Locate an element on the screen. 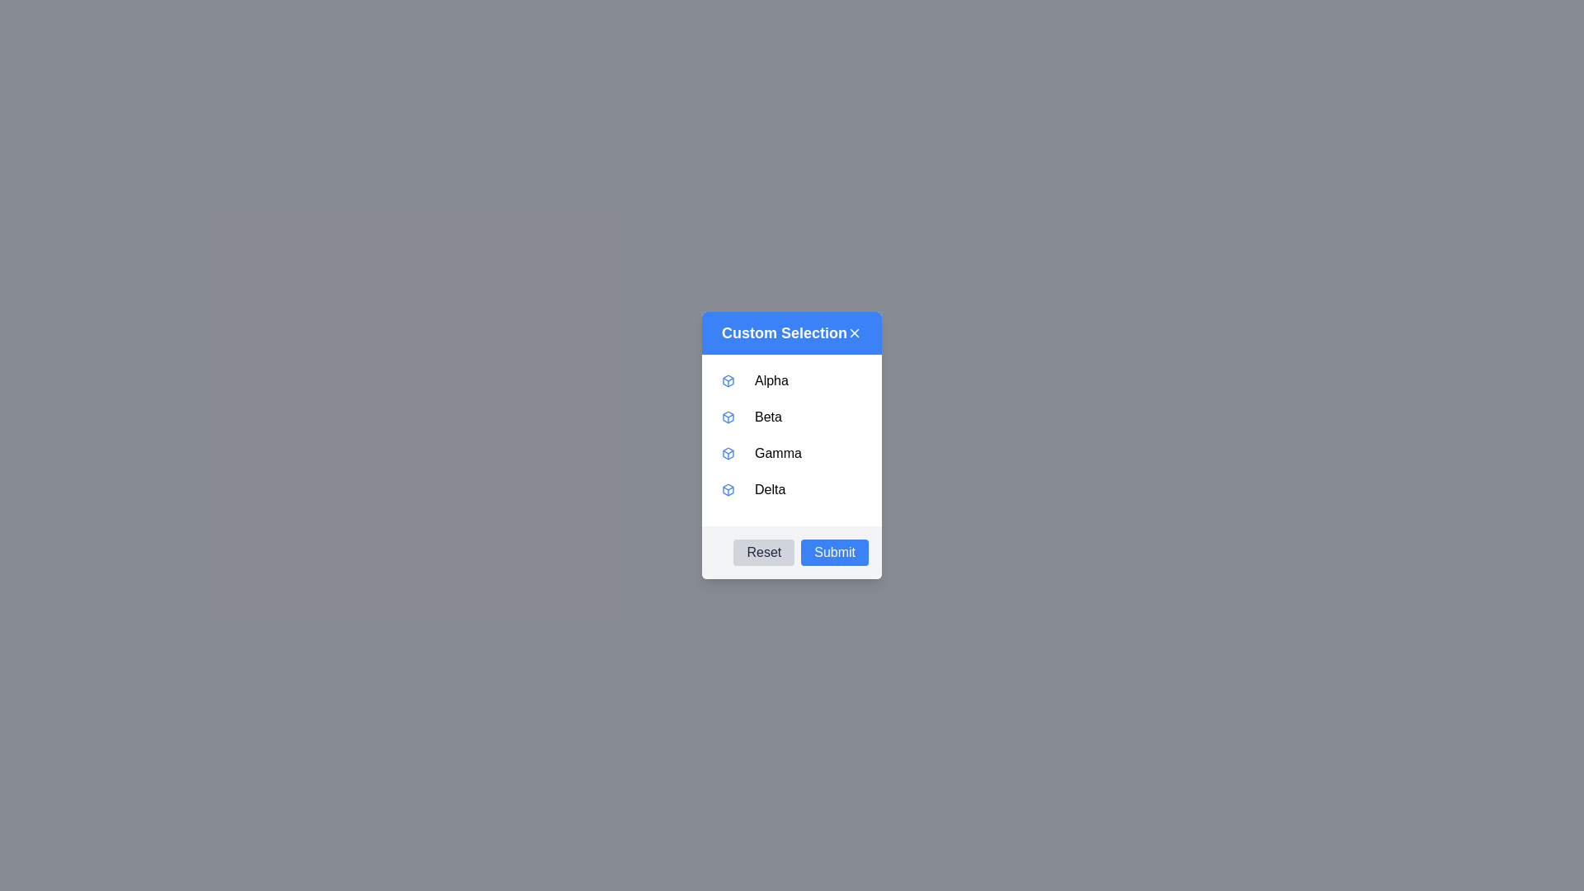 This screenshot has height=891, width=1584. the list item labeled 'Gamma' in the 'Custom Selection' modal is located at coordinates (792, 454).